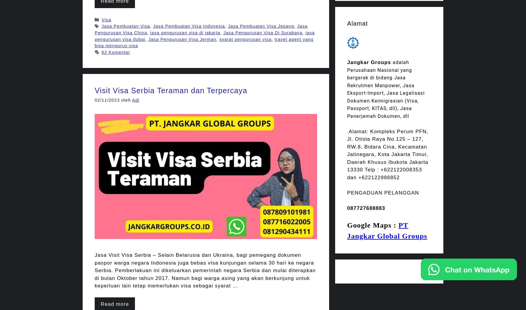  What do you see at coordinates (347, 131) in the screenshot?
I see `'.'` at bounding box center [347, 131].